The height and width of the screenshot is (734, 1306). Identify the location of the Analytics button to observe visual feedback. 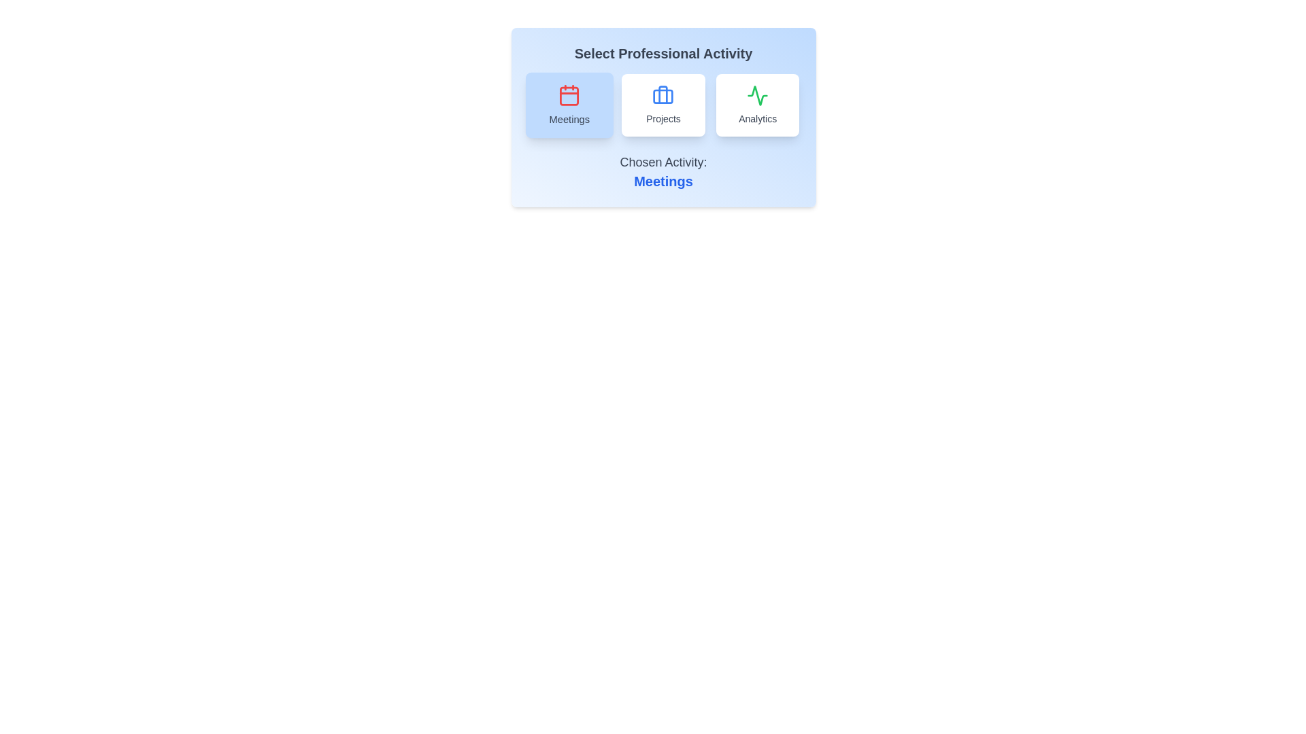
(757, 104).